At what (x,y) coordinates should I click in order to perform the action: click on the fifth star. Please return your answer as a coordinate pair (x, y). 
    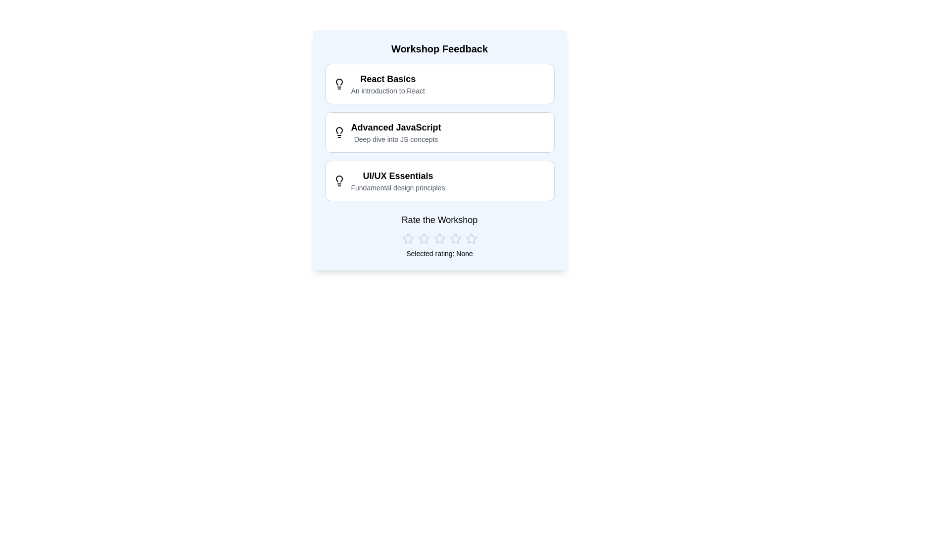
    Looking at the image, I should click on (471, 238).